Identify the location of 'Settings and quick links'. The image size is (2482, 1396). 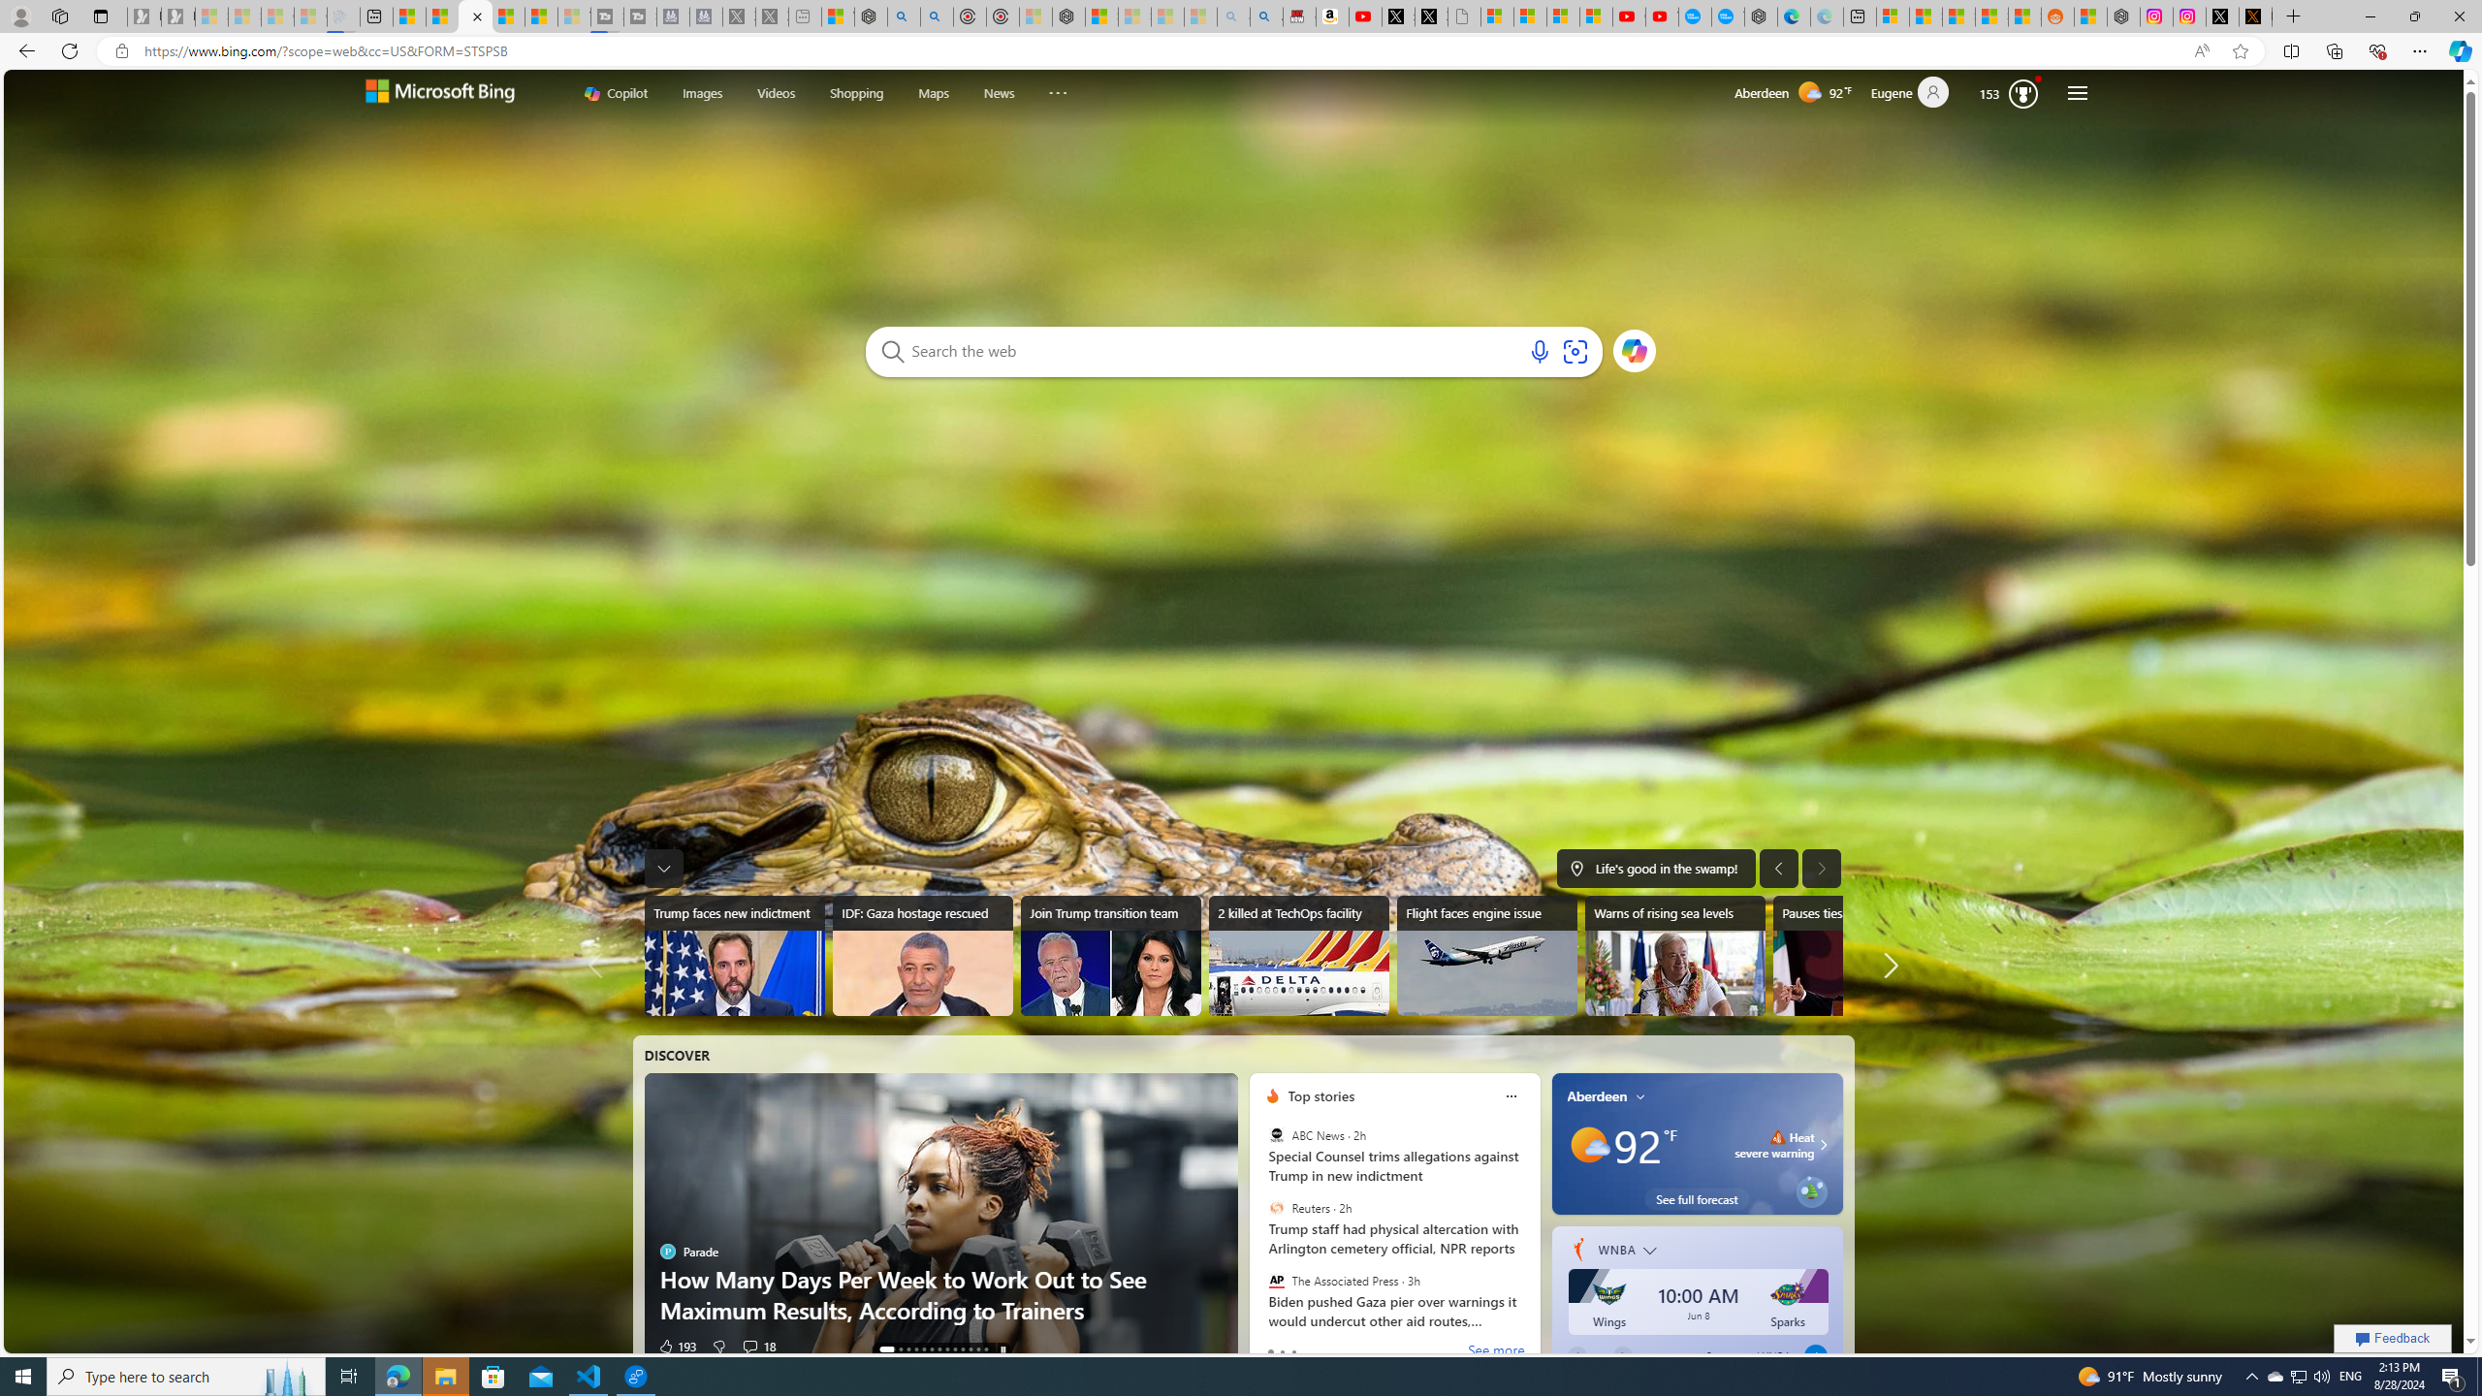
(2076, 92).